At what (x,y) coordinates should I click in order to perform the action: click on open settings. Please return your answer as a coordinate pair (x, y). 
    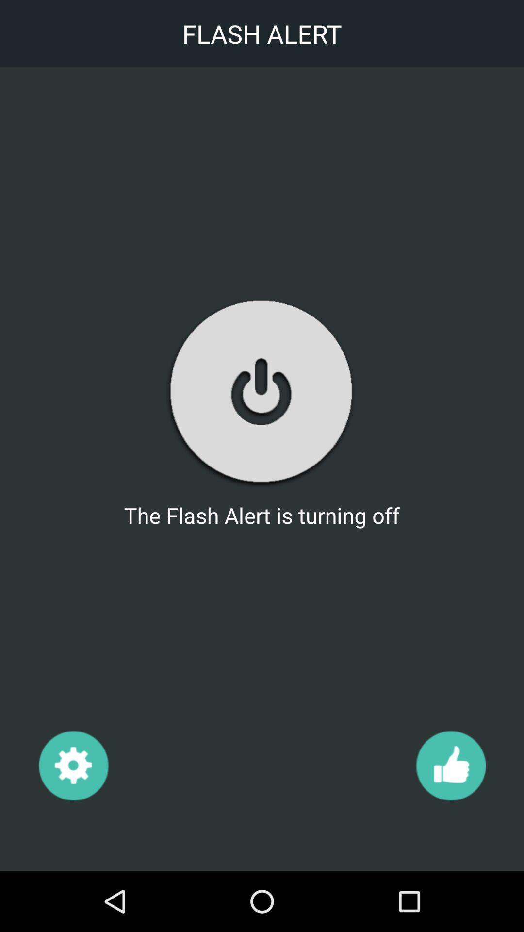
    Looking at the image, I should click on (73, 765).